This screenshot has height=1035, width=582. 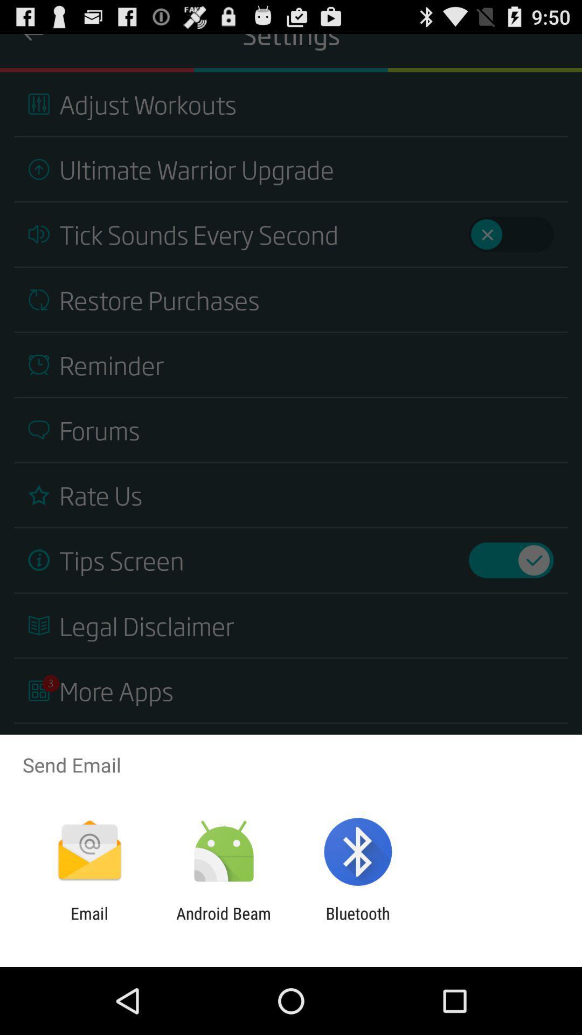 What do you see at coordinates (223, 922) in the screenshot?
I see `icon to the left of bluetooth` at bounding box center [223, 922].